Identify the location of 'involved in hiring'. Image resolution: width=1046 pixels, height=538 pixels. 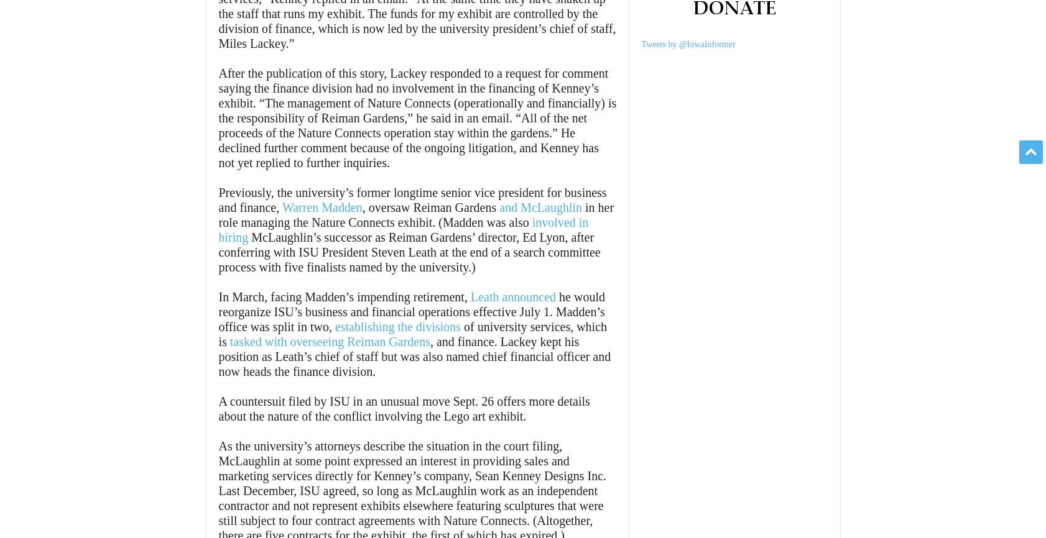
(403, 229).